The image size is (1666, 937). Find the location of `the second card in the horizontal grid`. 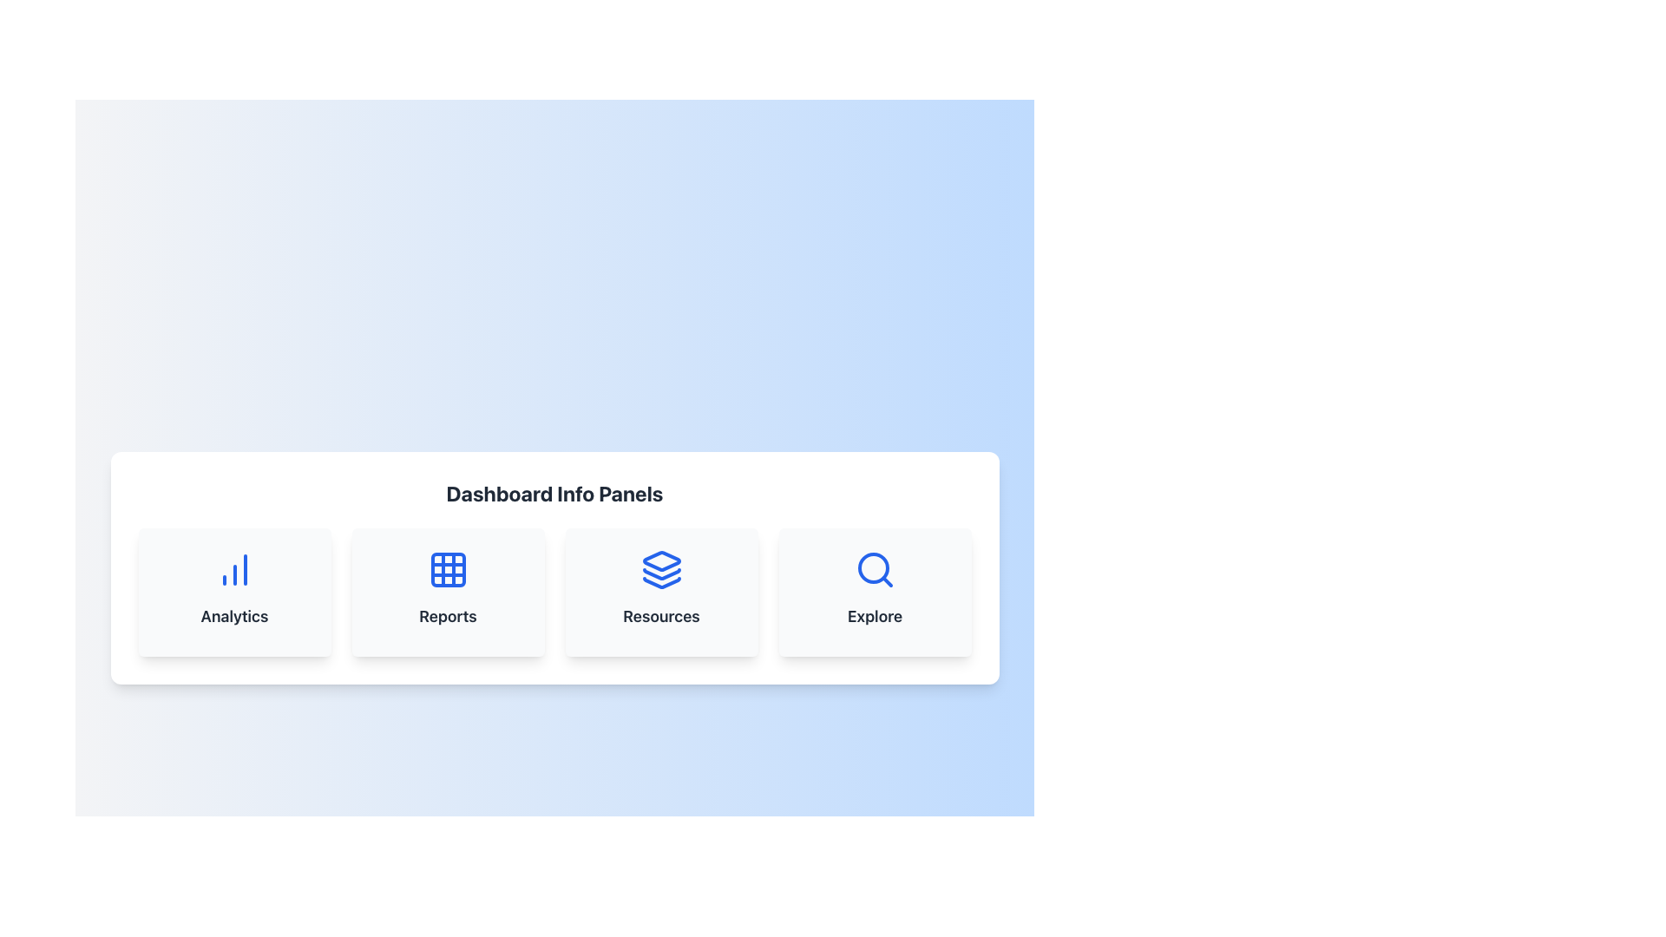

the second card in the horizontal grid is located at coordinates (448, 591).